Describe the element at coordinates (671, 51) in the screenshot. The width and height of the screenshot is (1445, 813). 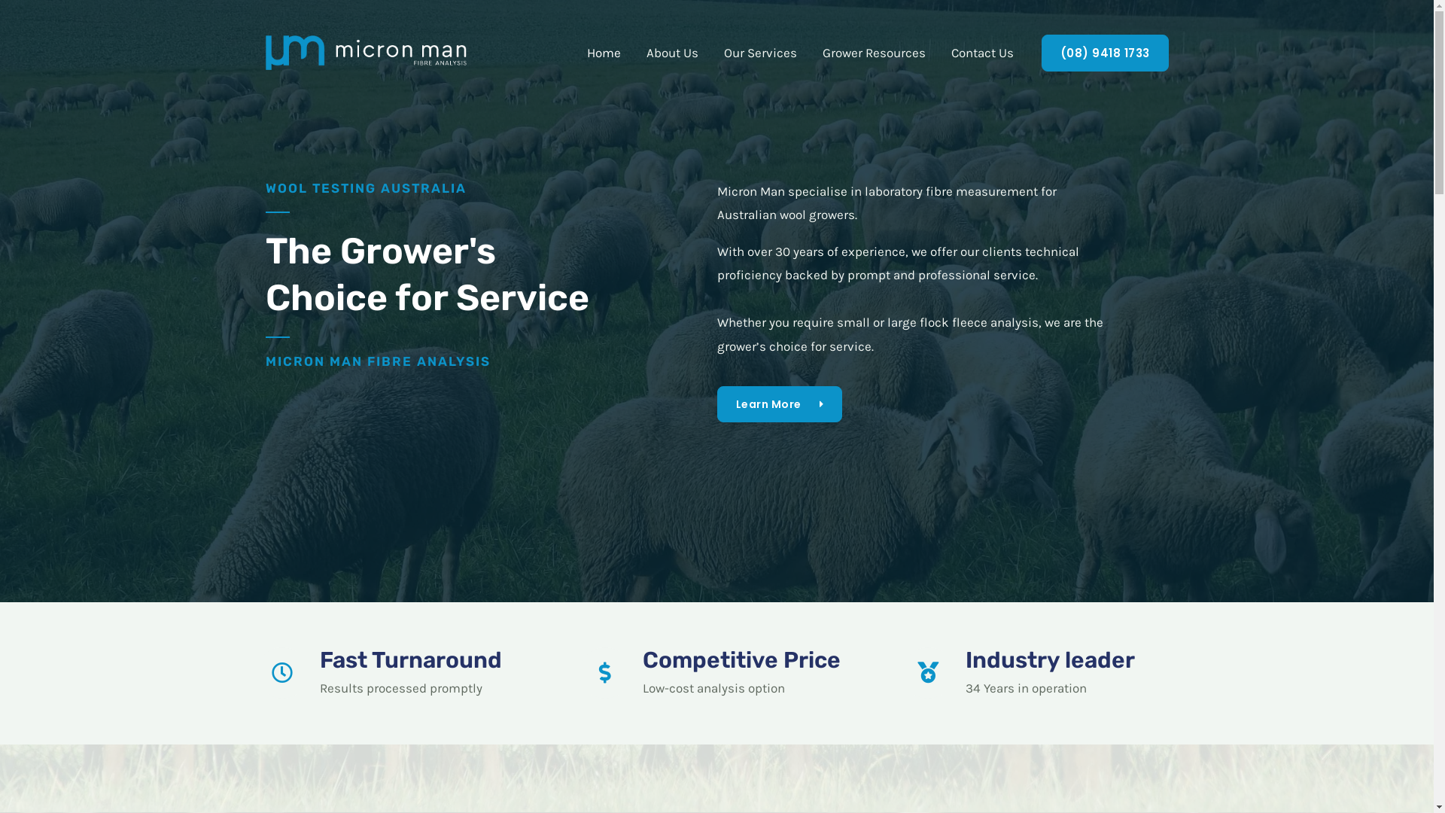
I see `'About Us'` at that location.